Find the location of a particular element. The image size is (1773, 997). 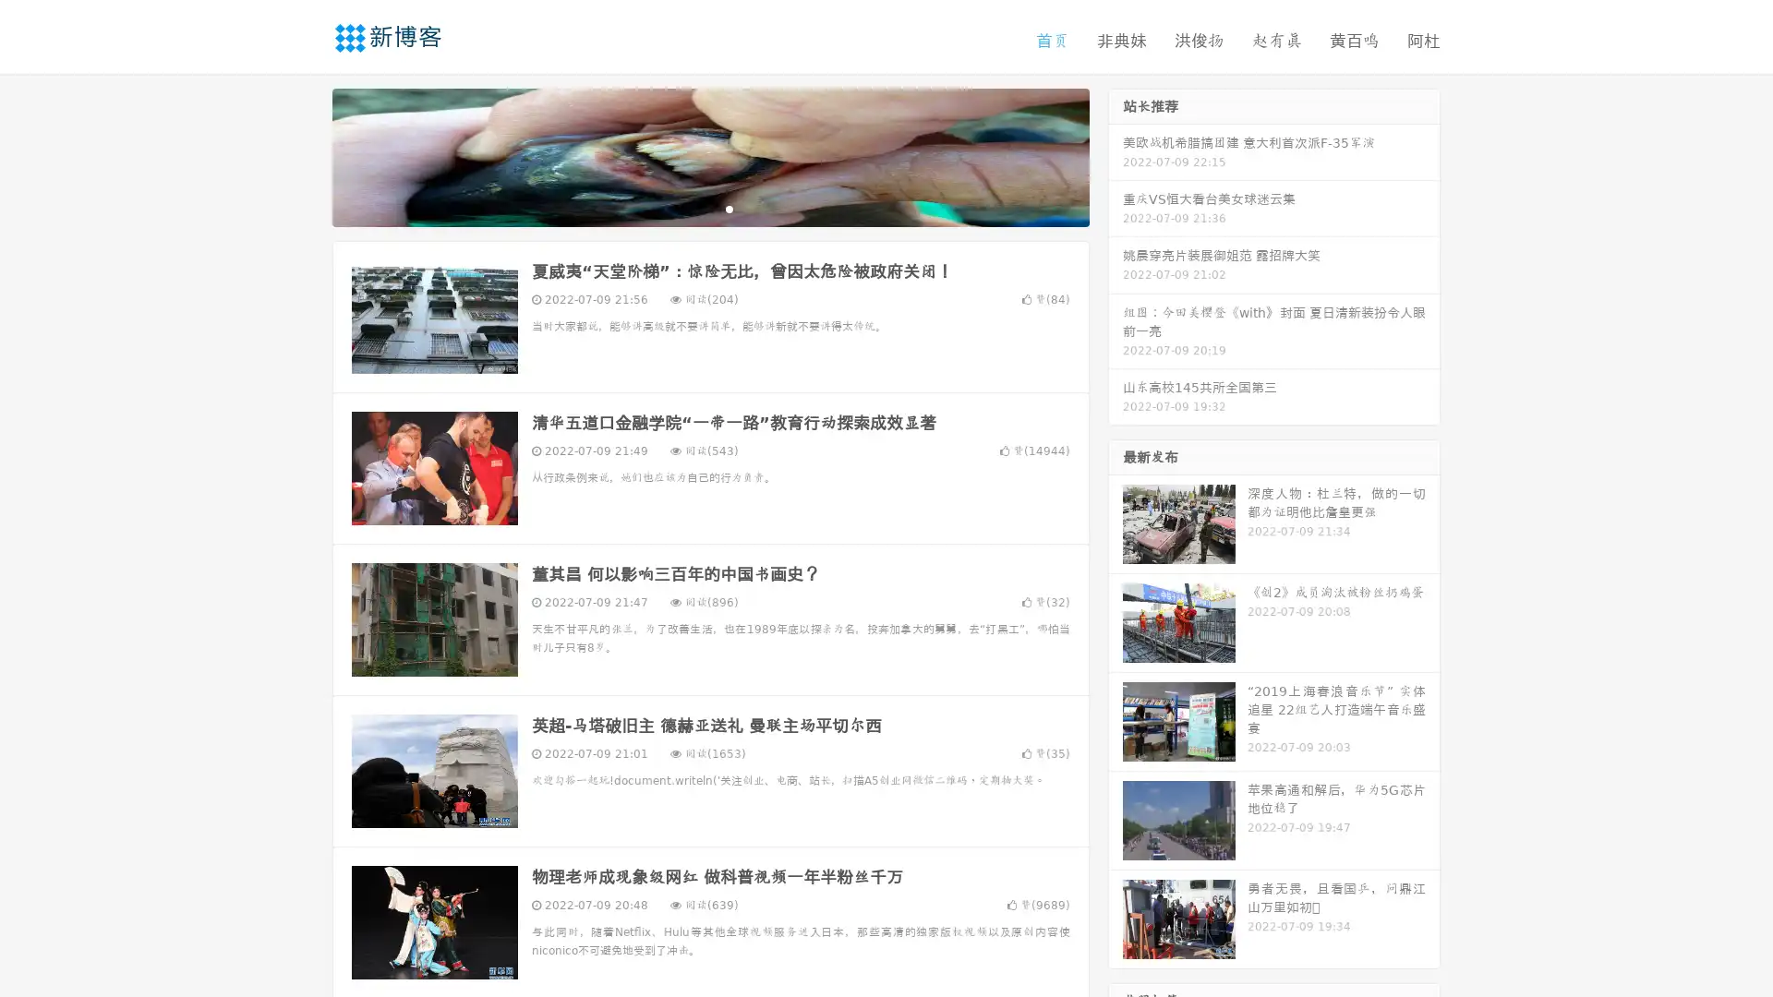

Previous slide is located at coordinates (305, 155).